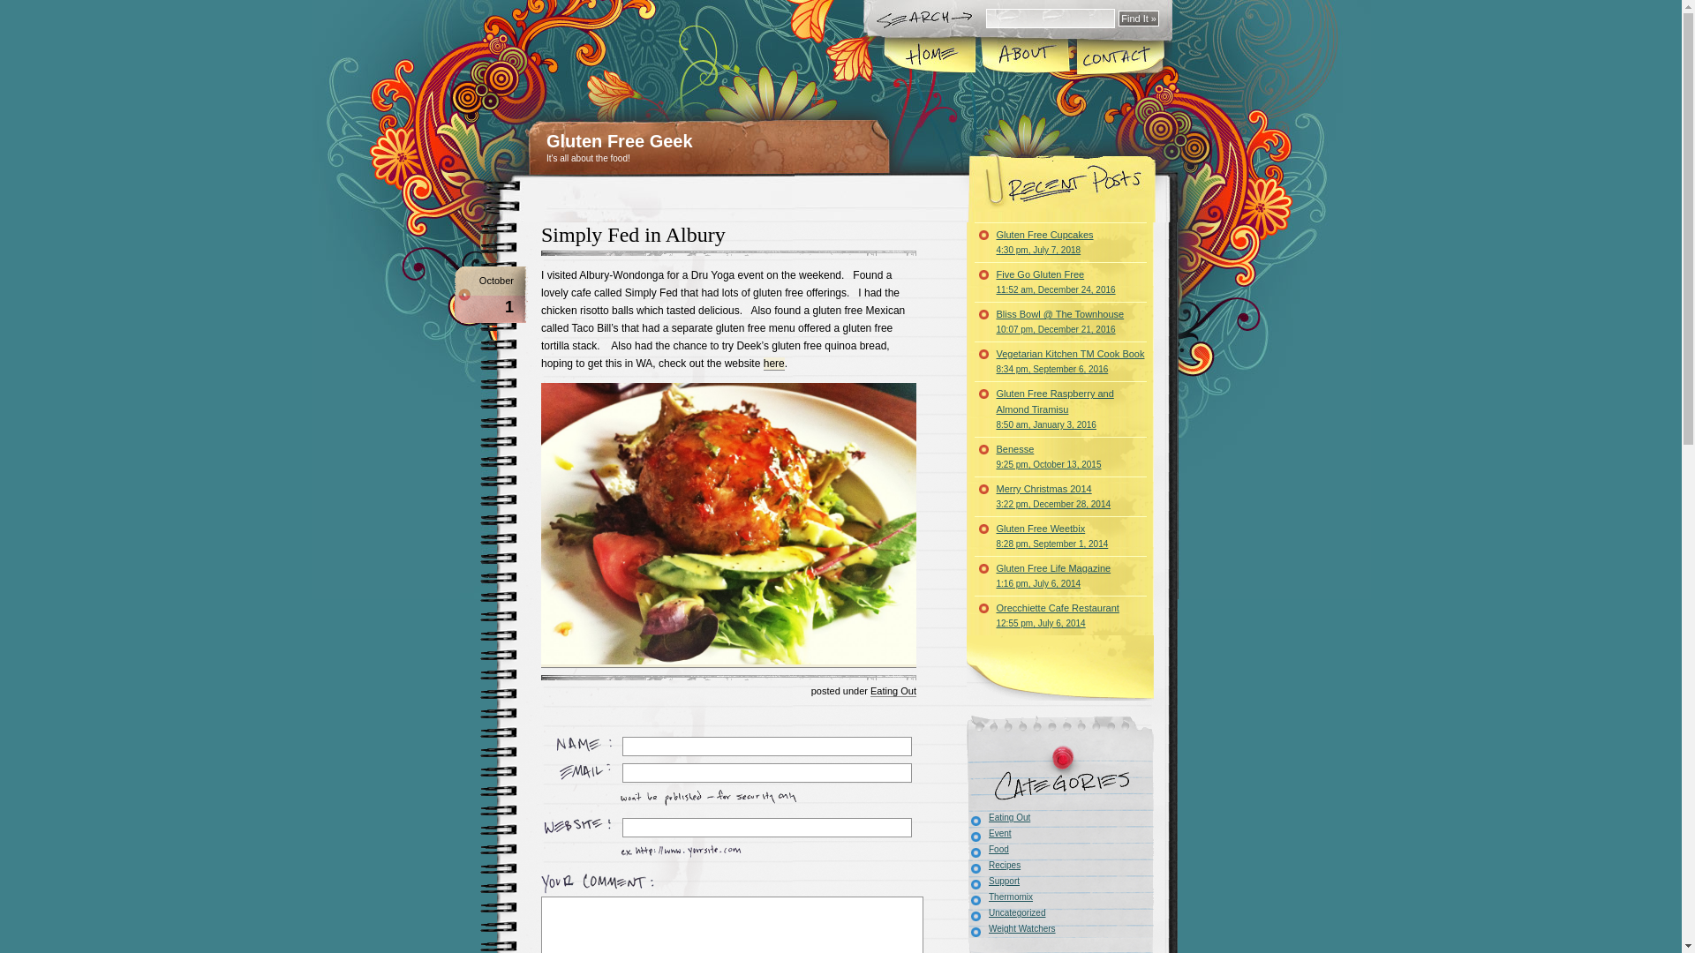  What do you see at coordinates (1059, 360) in the screenshot?
I see `'Vegetarian Kitchen TM Cook Book` at bounding box center [1059, 360].